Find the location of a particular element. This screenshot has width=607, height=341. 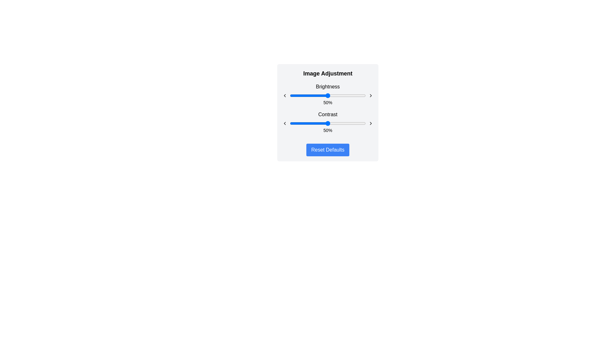

brightness is located at coordinates (365, 96).